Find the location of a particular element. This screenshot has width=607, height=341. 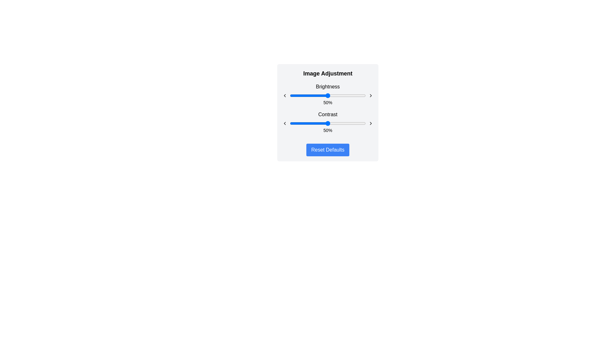

brightness is located at coordinates (365, 96).